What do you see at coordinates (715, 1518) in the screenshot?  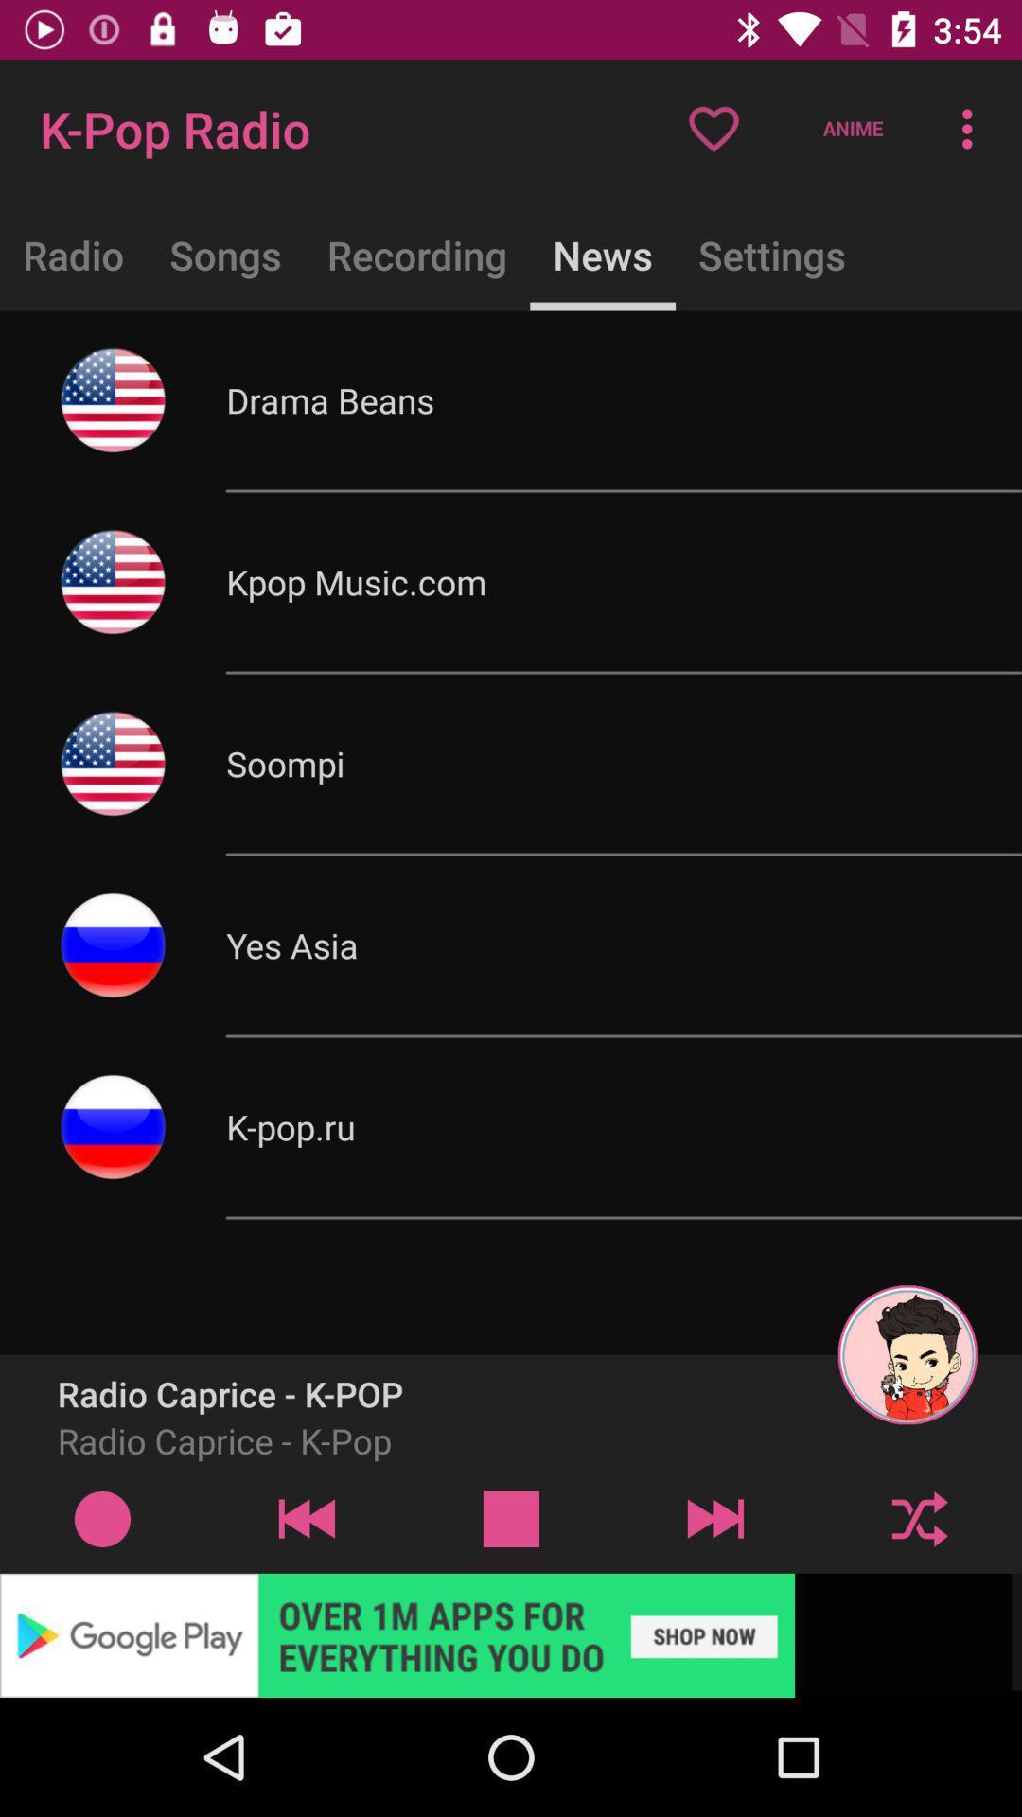 I see `forward` at bounding box center [715, 1518].